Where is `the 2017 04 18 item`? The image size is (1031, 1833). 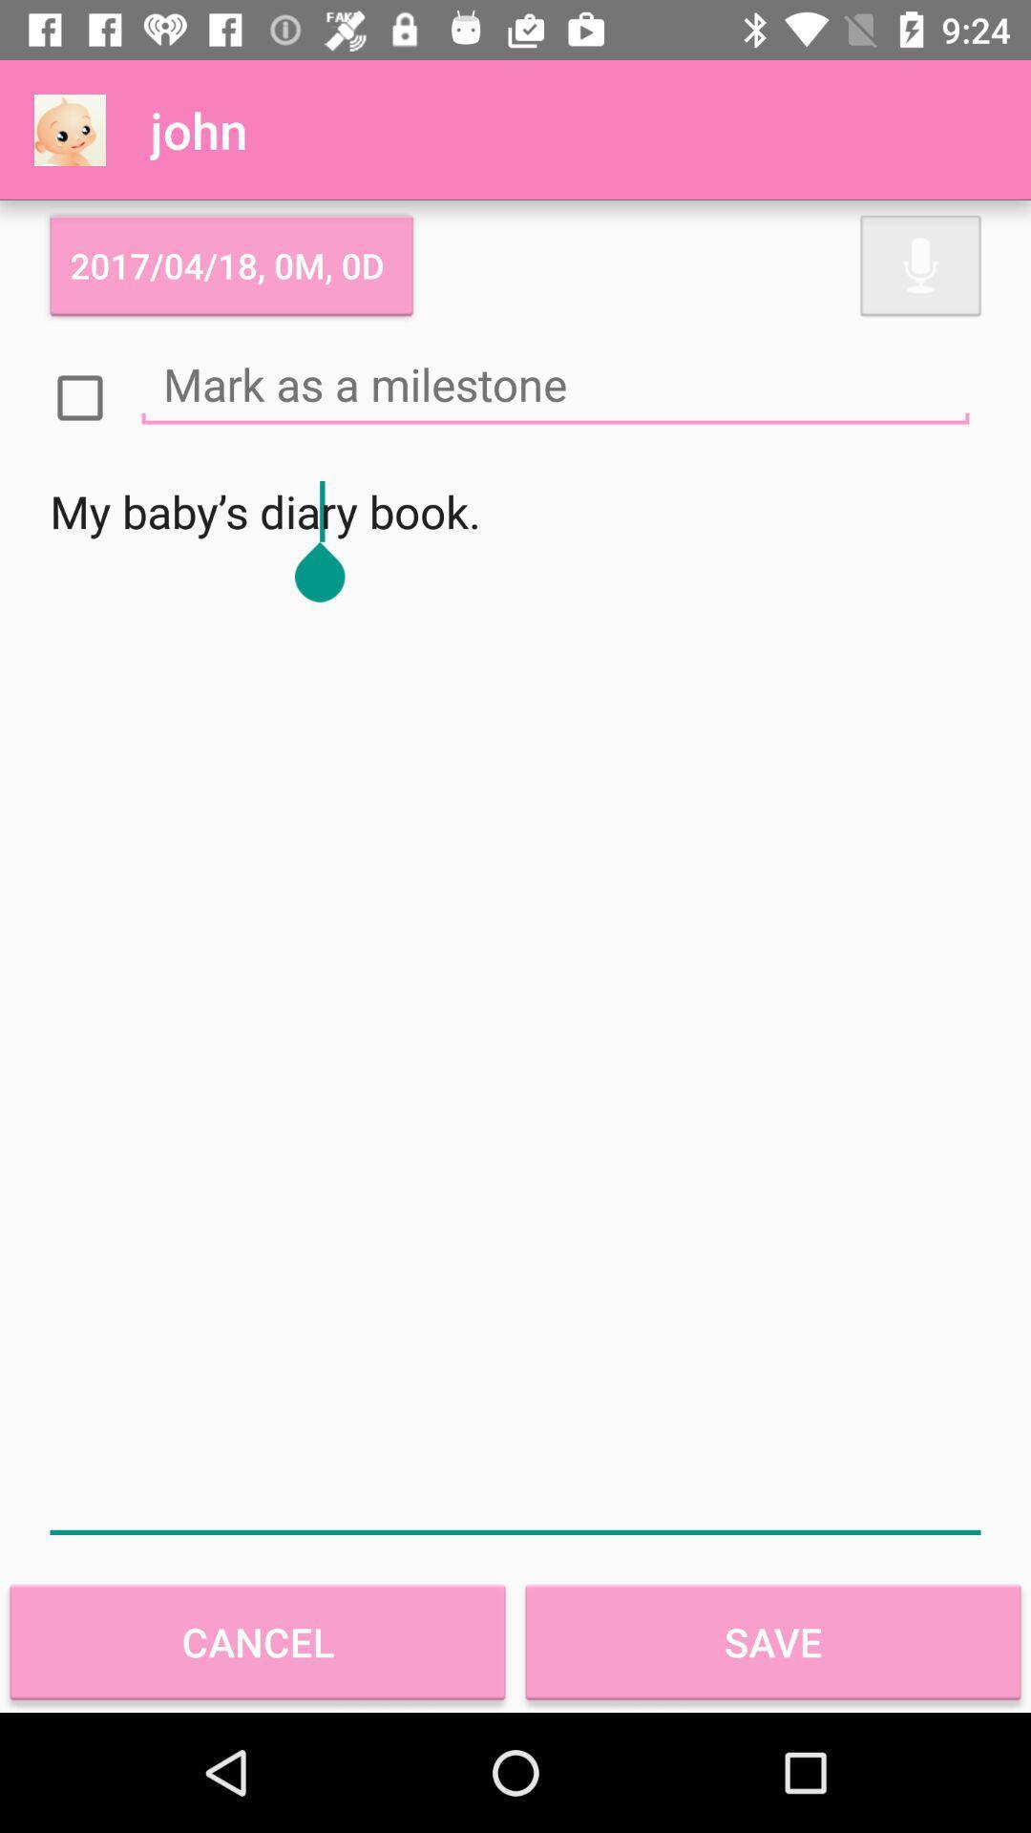
the 2017 04 18 item is located at coordinates (230, 264).